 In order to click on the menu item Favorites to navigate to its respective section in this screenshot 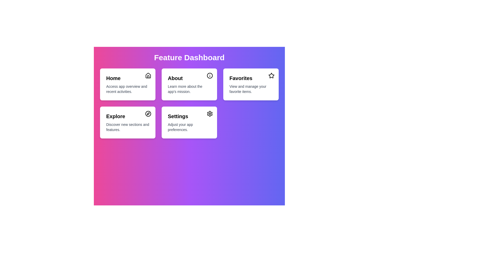, I will do `click(251, 84)`.